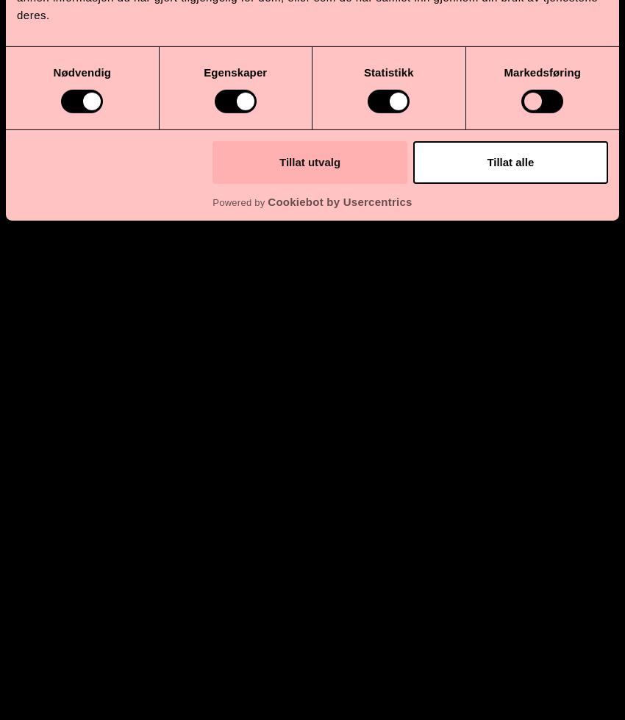 This screenshot has width=625, height=720. What do you see at coordinates (263, 100) in the screenshot?
I see `','` at bounding box center [263, 100].